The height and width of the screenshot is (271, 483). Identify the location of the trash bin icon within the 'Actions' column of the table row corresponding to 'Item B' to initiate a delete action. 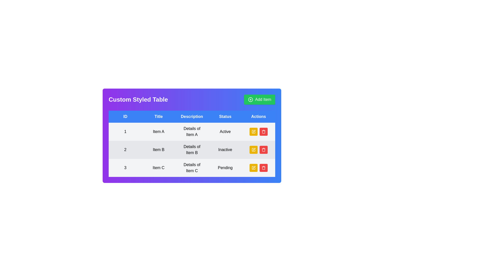
(263, 150).